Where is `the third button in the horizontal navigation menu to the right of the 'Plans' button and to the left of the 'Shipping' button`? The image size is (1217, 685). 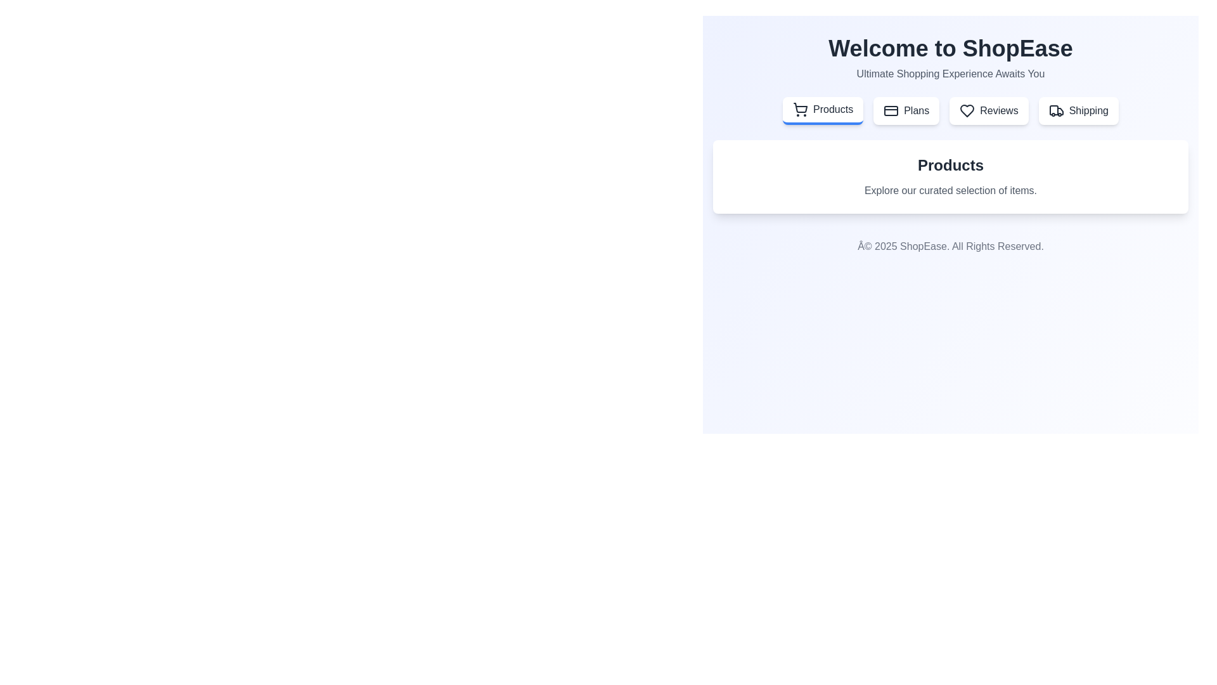 the third button in the horizontal navigation menu to the right of the 'Plans' button and to the left of the 'Shipping' button is located at coordinates (988, 110).